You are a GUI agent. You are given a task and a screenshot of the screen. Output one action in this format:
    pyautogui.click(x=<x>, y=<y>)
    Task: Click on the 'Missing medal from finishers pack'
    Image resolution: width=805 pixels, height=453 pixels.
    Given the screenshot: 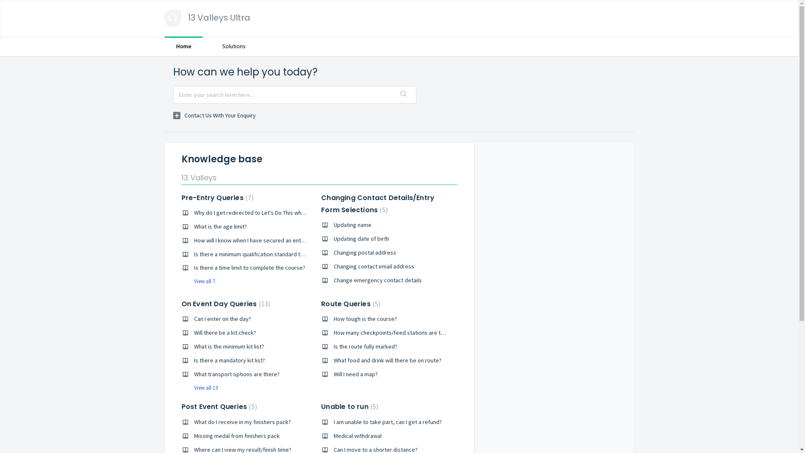 What is the action you would take?
    pyautogui.click(x=236, y=435)
    